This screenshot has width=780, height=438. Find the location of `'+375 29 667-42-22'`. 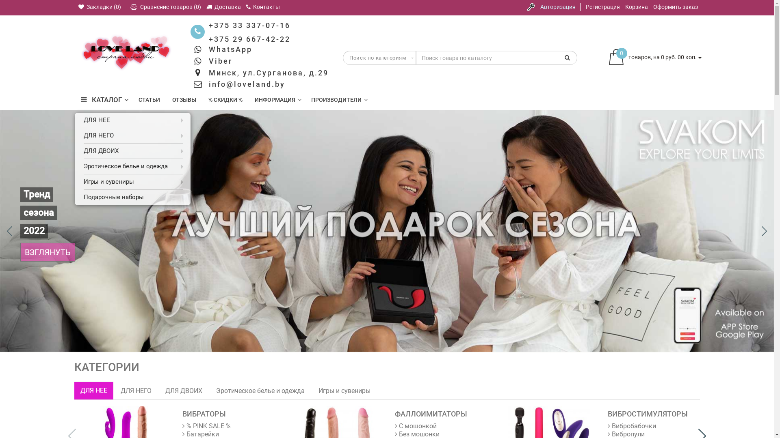

'+375 29 667-42-22' is located at coordinates (249, 39).